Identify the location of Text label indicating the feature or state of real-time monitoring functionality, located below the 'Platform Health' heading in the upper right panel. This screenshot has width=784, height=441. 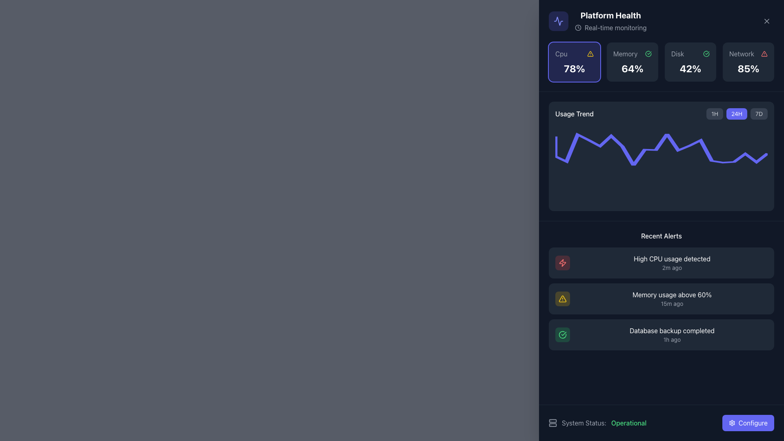
(610, 27).